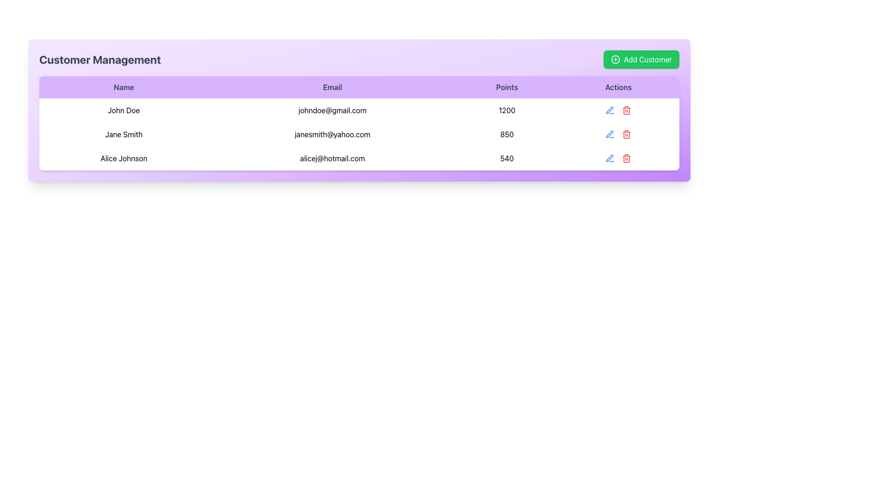 The height and width of the screenshot is (499, 888). Describe the element at coordinates (627, 158) in the screenshot. I see `the red trashcan icon located in the 'Actions' column of the last row in the 'Customer Management' table` at that location.